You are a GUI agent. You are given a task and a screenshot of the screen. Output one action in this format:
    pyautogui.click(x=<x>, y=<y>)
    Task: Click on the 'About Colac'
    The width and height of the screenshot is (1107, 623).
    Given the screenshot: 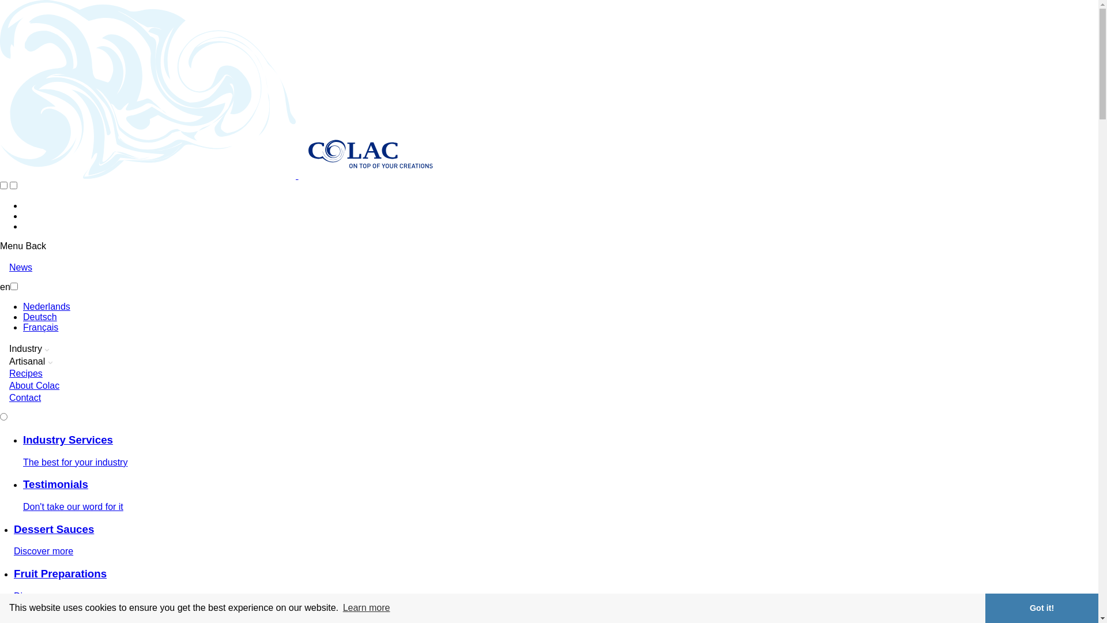 What is the action you would take?
    pyautogui.click(x=34, y=385)
    